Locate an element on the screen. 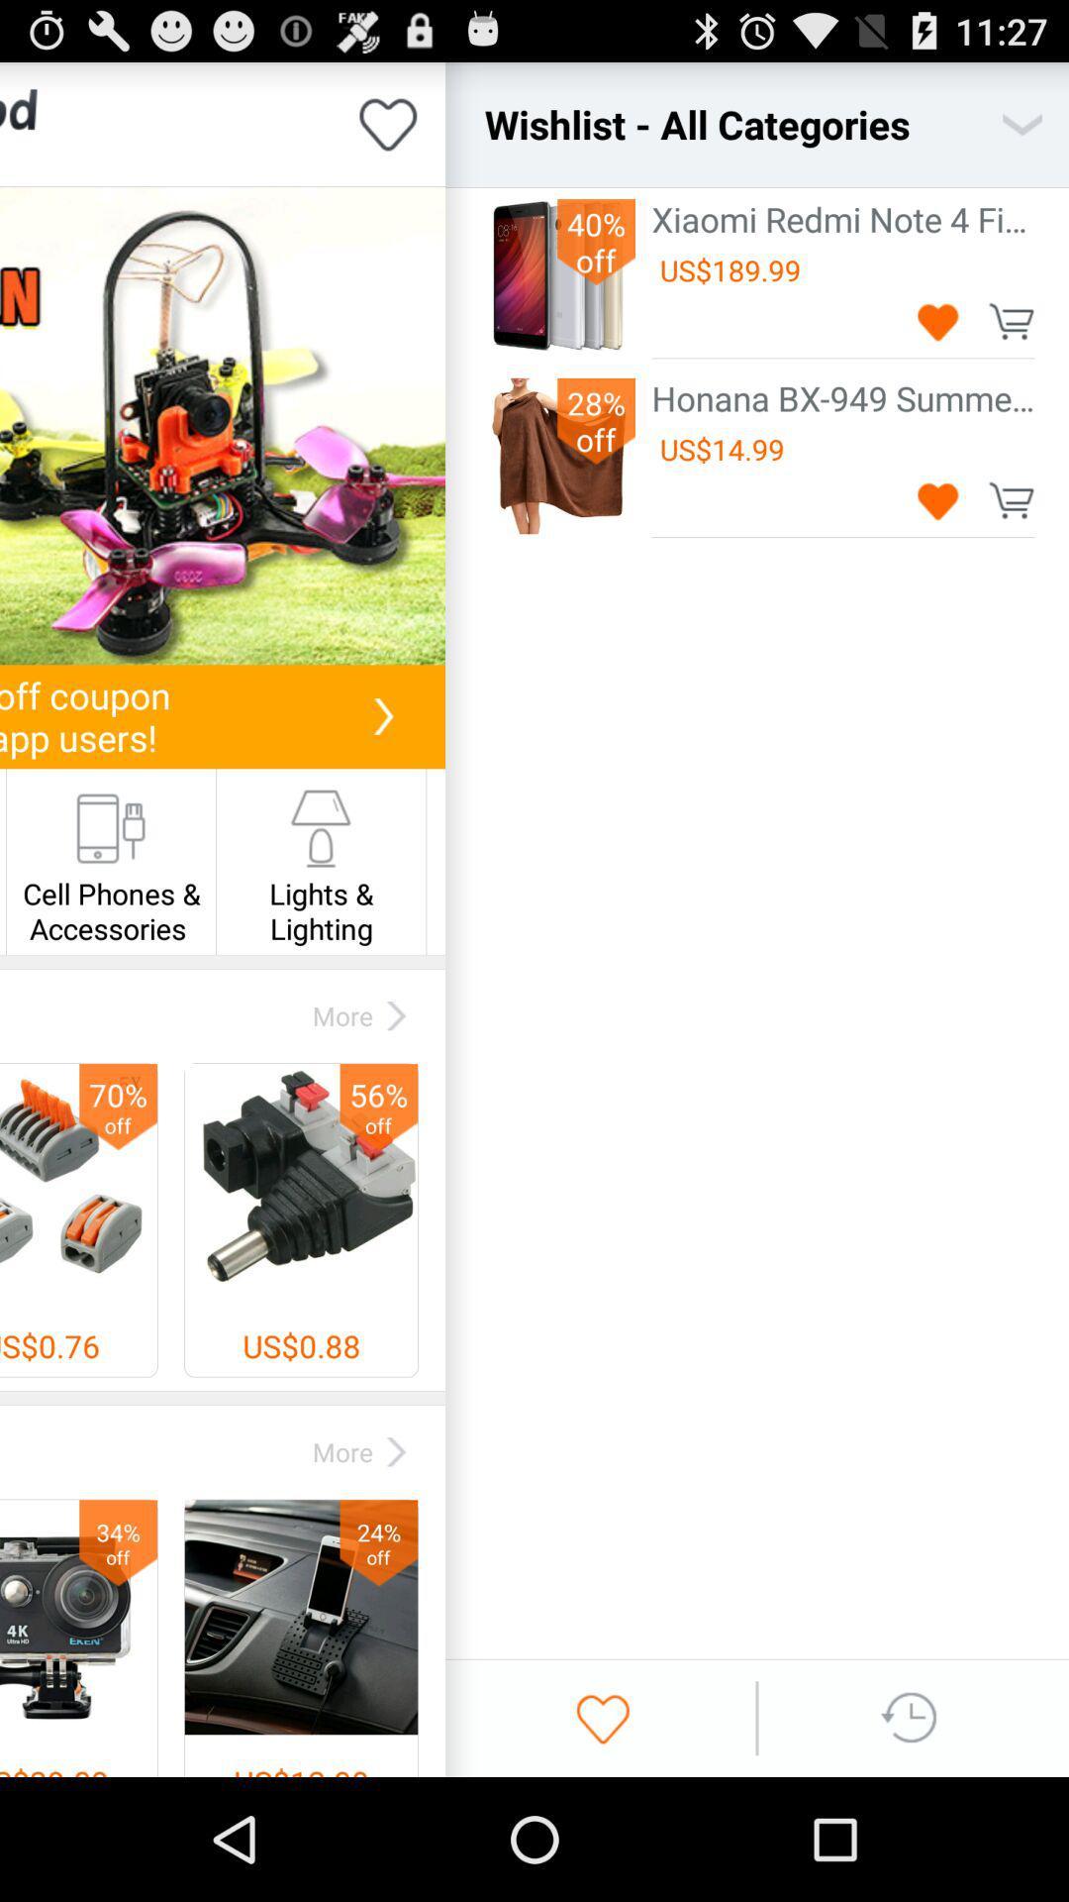 Image resolution: width=1069 pixels, height=1902 pixels. the favorite icon is located at coordinates (388, 132).